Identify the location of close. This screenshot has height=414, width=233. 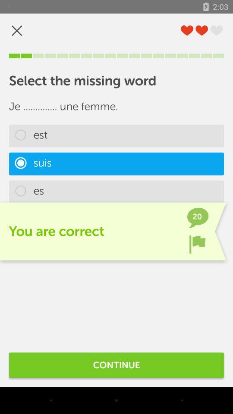
(17, 31).